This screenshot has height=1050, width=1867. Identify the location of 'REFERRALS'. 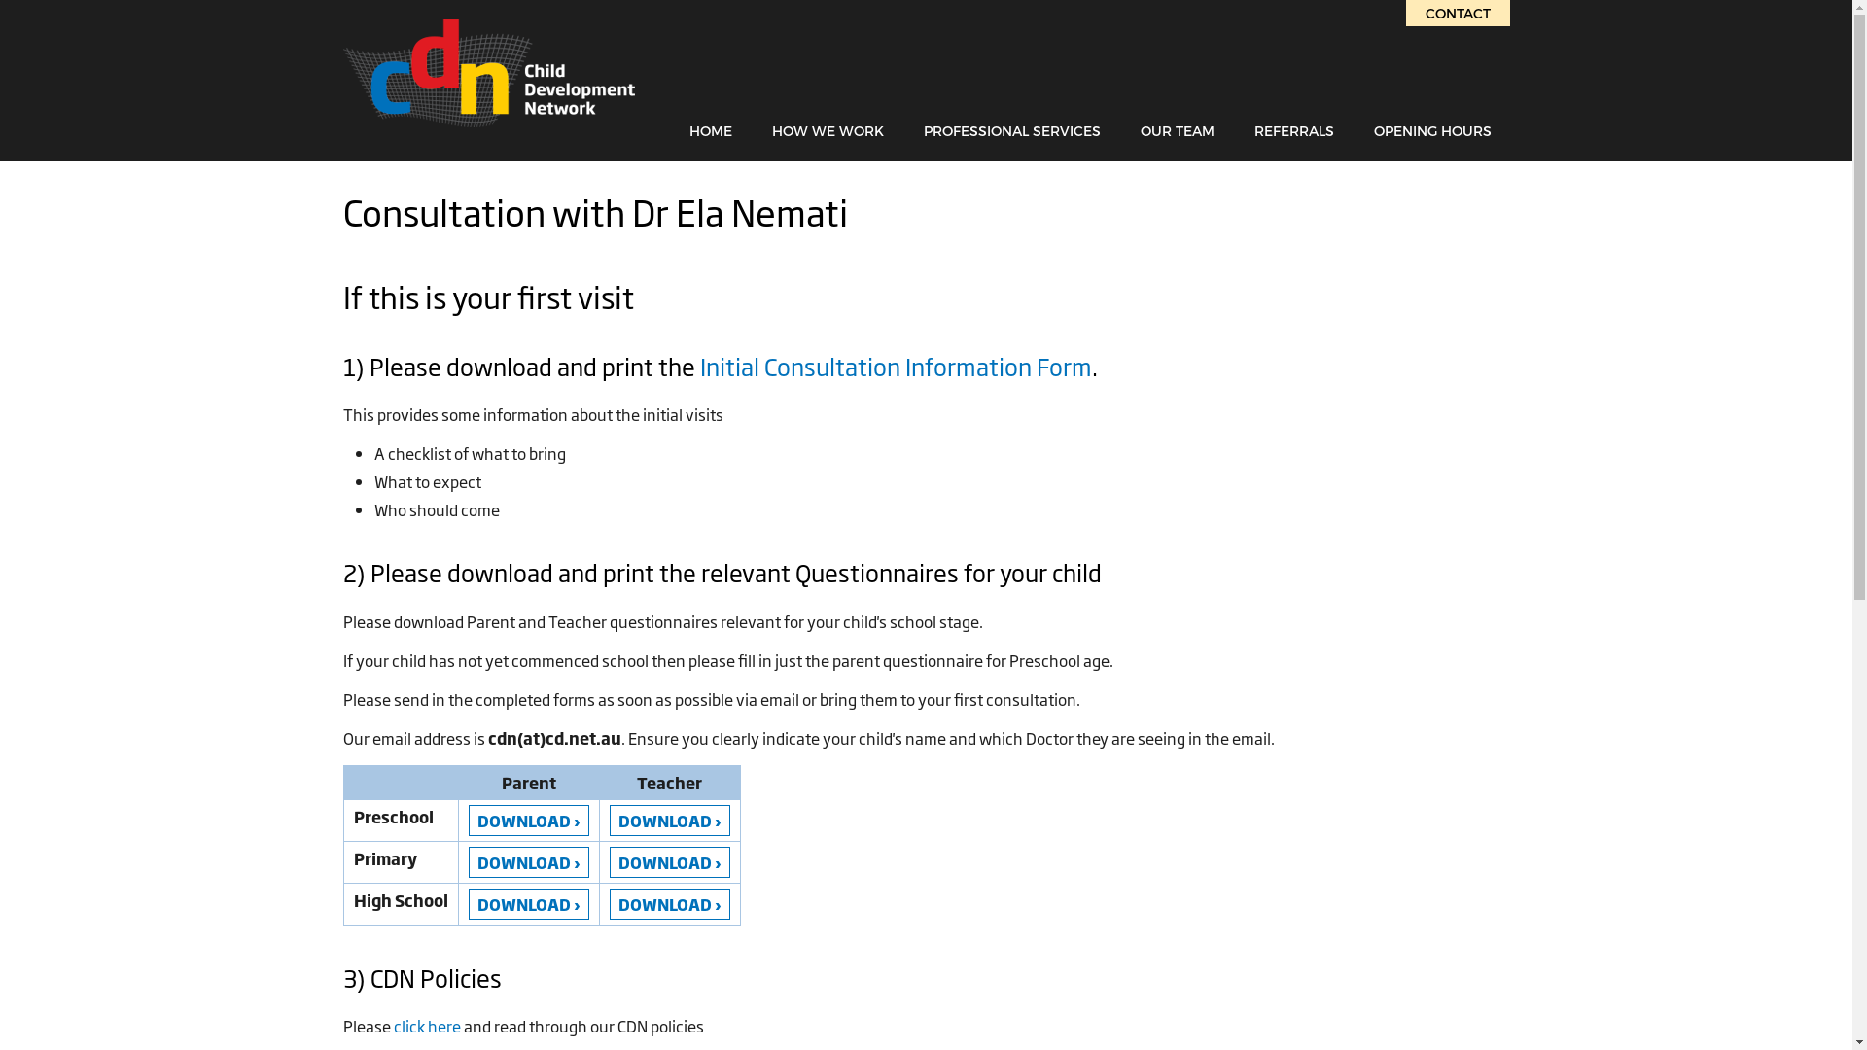
(1293, 130).